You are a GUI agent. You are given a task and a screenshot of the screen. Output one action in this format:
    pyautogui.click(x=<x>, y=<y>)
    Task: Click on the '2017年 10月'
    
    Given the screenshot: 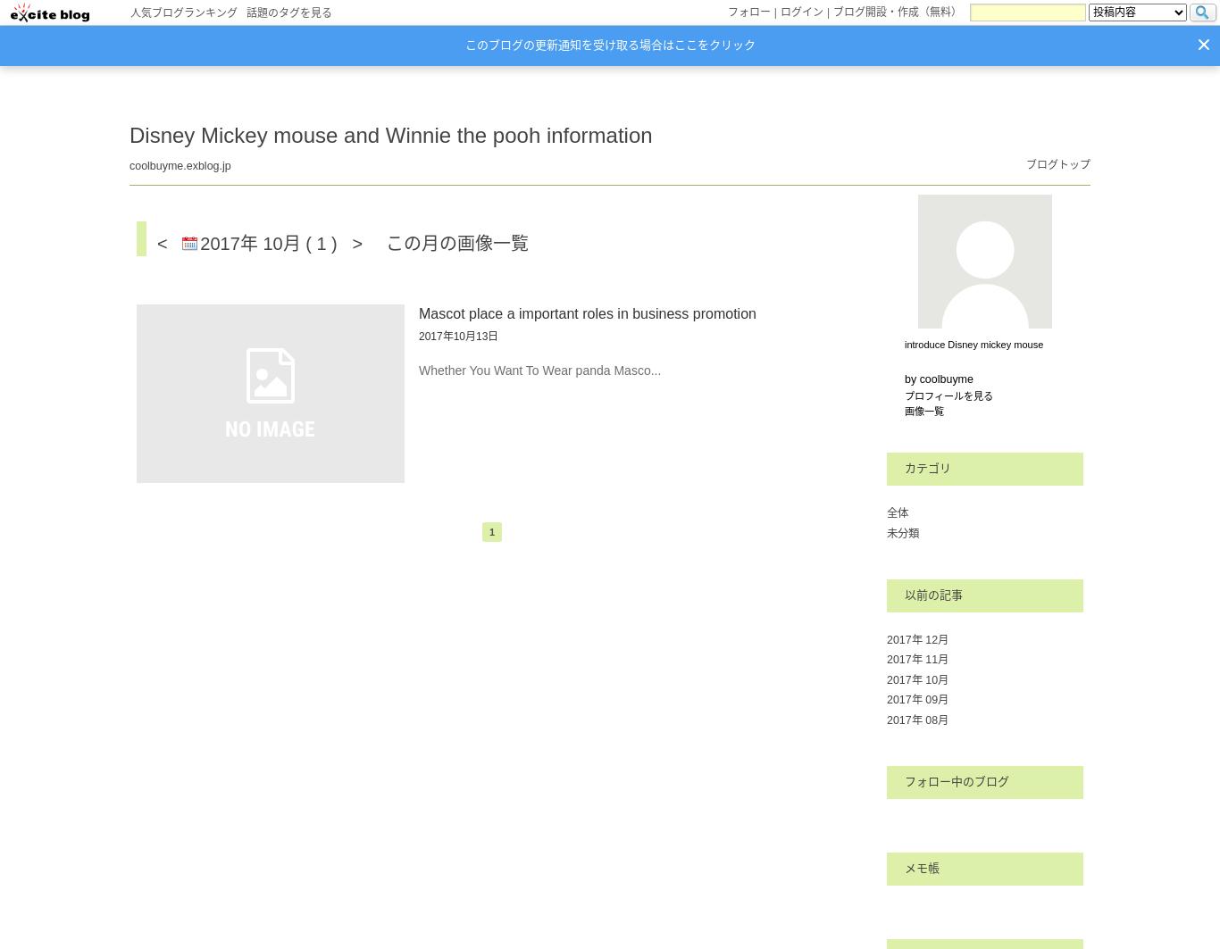 What is the action you would take?
    pyautogui.click(x=886, y=678)
    